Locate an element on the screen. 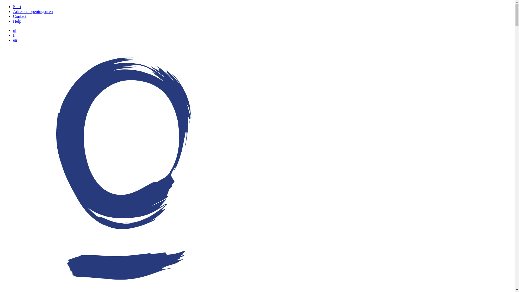 The image size is (519, 292). 'fr' is located at coordinates (14, 35).